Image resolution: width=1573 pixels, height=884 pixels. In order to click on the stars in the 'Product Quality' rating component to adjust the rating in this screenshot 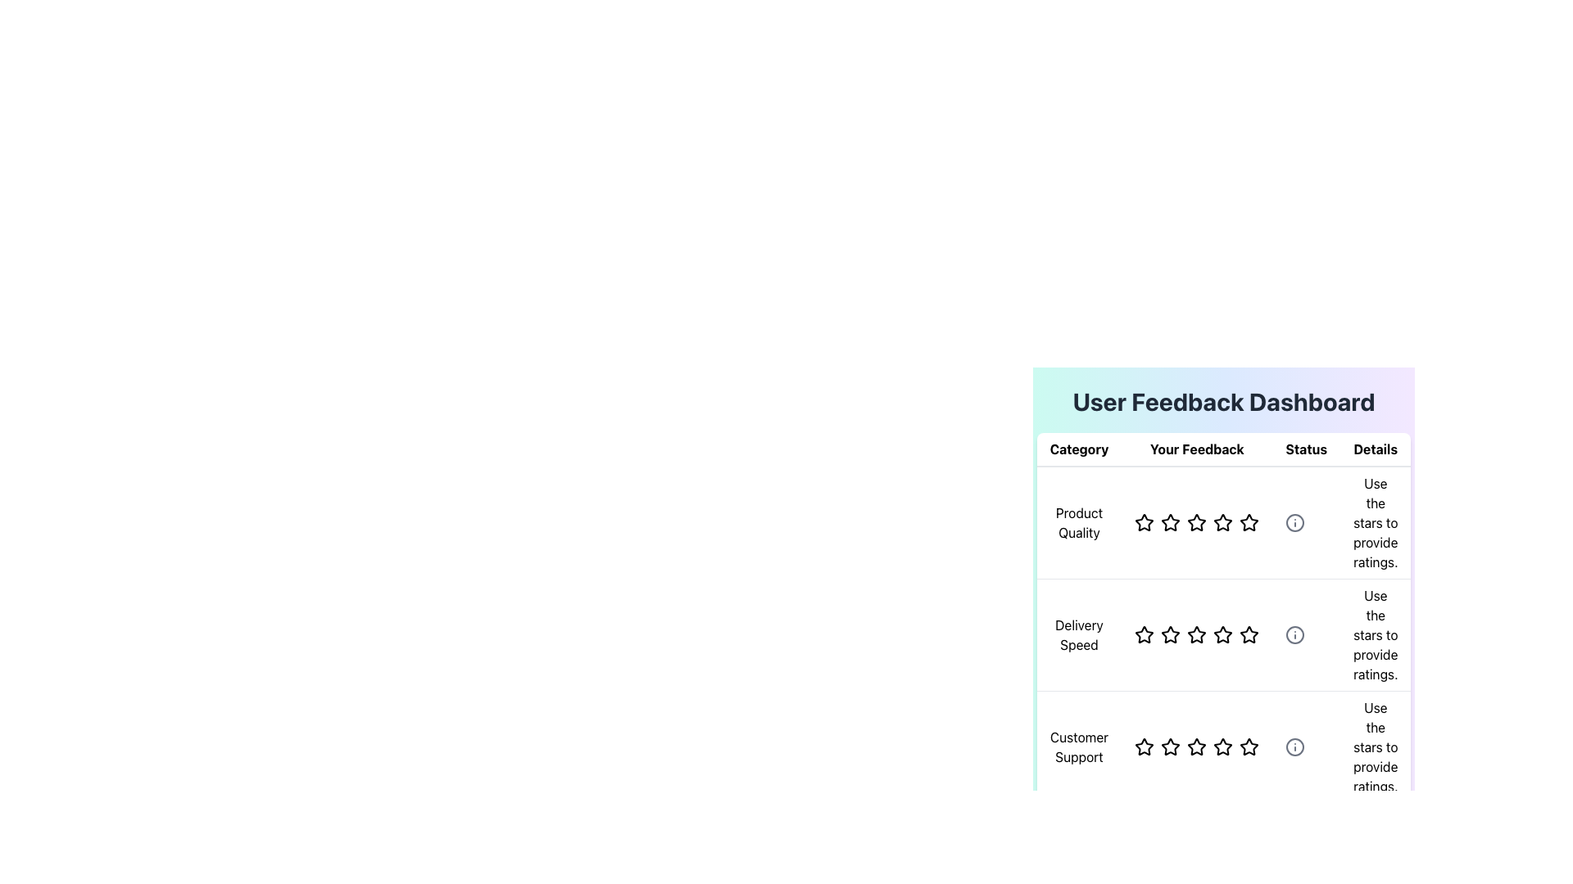, I will do `click(1223, 522)`.